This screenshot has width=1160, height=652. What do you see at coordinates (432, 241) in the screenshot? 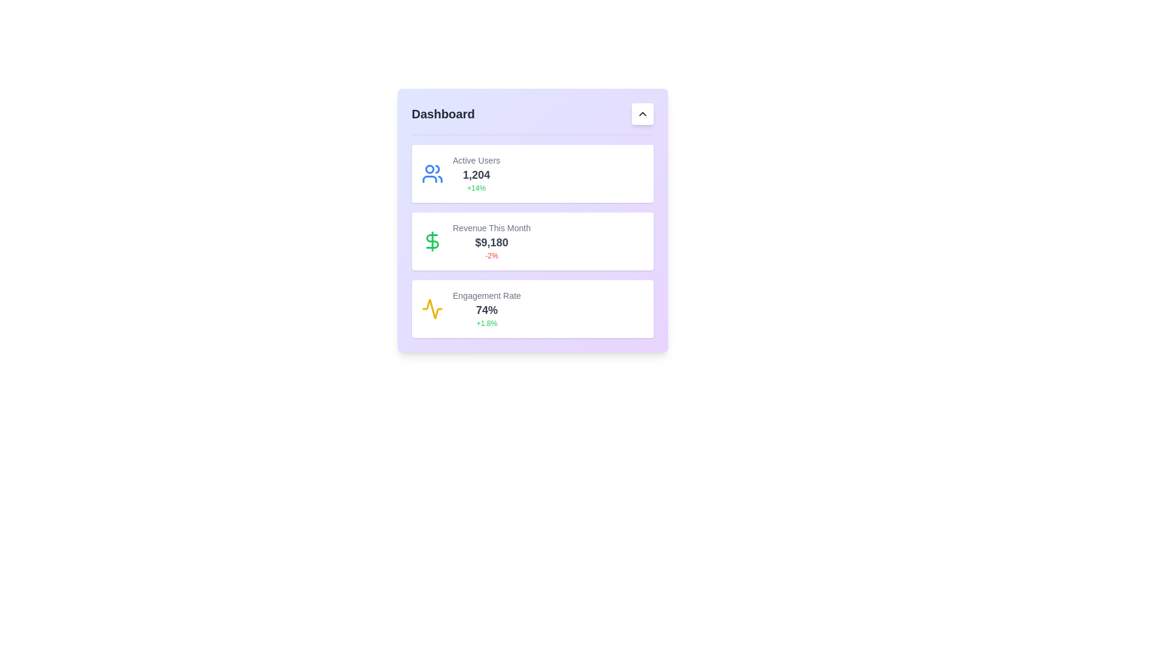
I see `the icon that complements the 'Revenue This Month' statistic, located in the second card of the dashboard, to the left of the textual content` at bounding box center [432, 241].